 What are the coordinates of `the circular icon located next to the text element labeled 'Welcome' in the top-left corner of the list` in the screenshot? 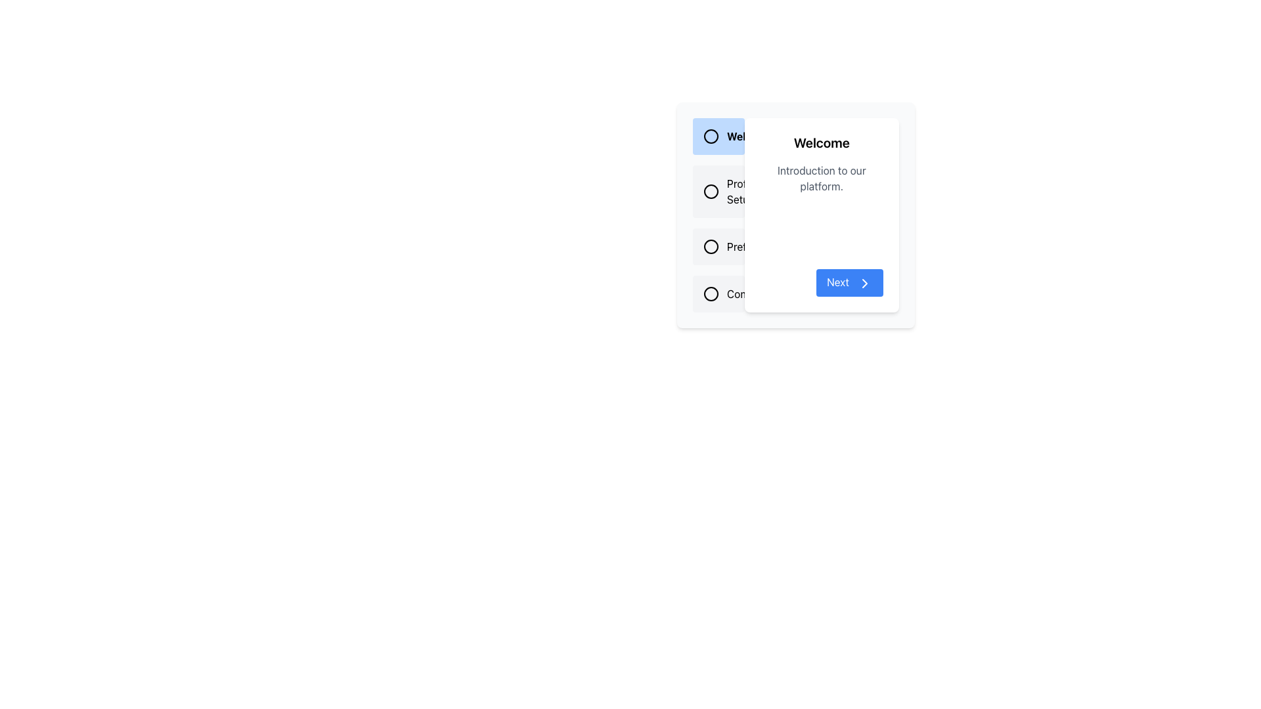 It's located at (711, 137).